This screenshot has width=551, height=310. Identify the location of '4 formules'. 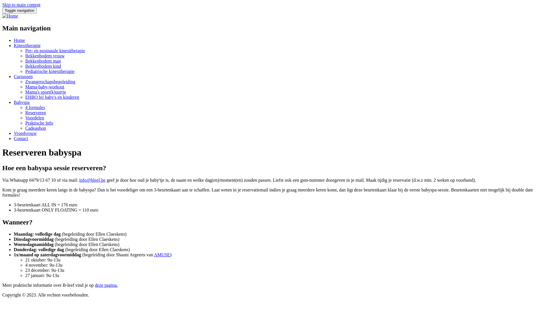
(35, 107).